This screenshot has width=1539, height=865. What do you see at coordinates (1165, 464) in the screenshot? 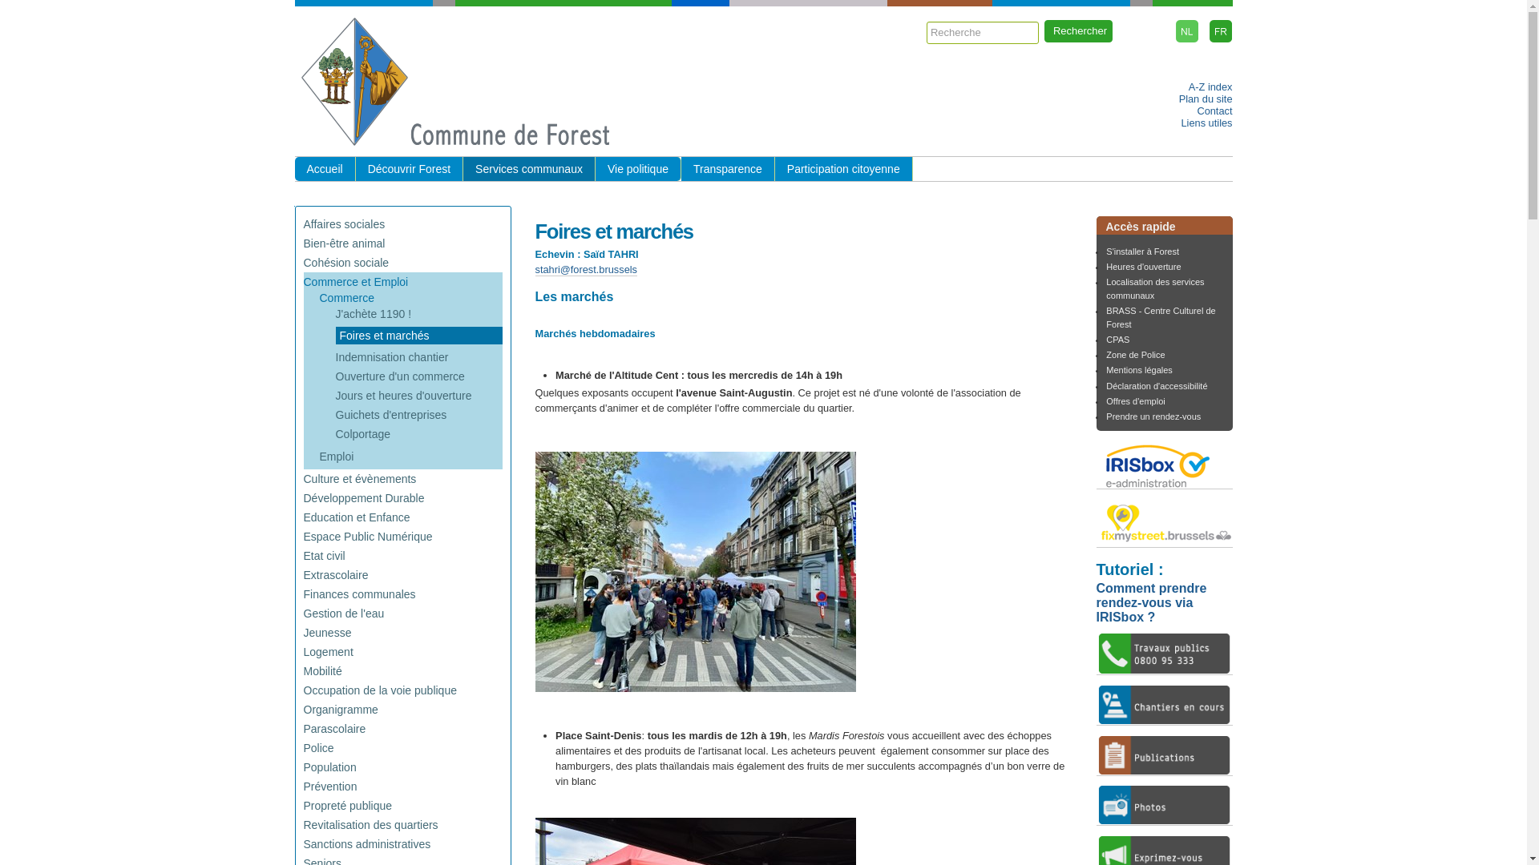
I see `'IRISbox'` at bounding box center [1165, 464].